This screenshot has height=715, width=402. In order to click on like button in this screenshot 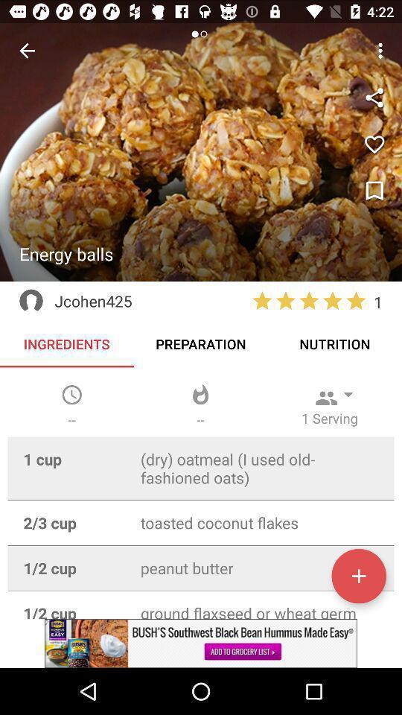, I will do `click(374, 191)`.